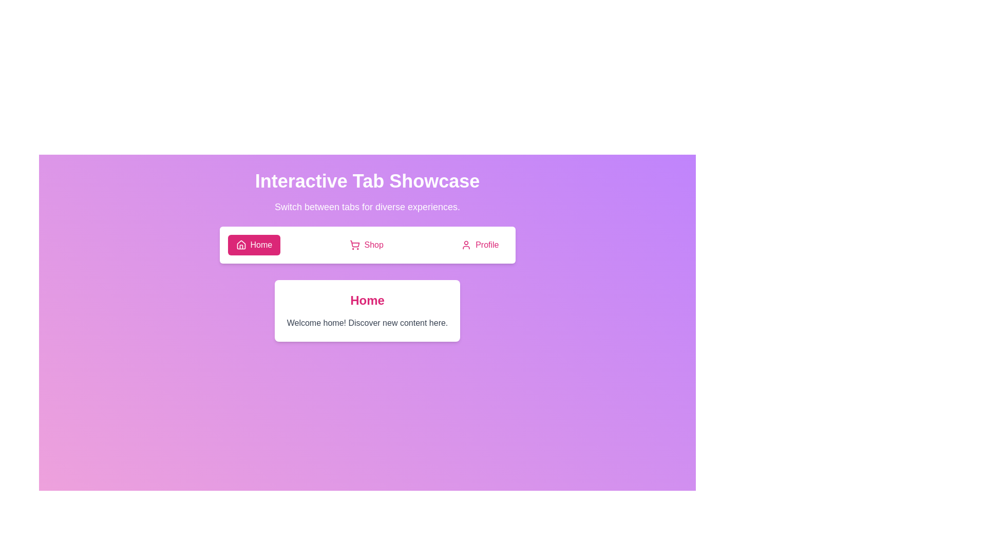 The width and height of the screenshot is (986, 555). What do you see at coordinates (254, 245) in the screenshot?
I see `the Home tab to display its description` at bounding box center [254, 245].